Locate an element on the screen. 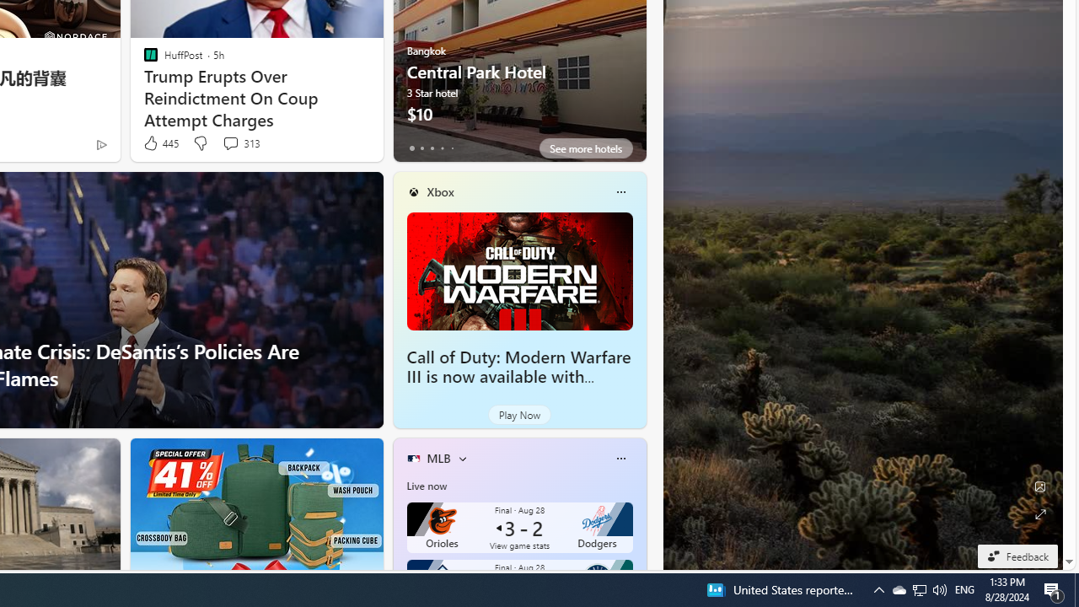 This screenshot has width=1079, height=607. 'Feedback' is located at coordinates (1016, 556).